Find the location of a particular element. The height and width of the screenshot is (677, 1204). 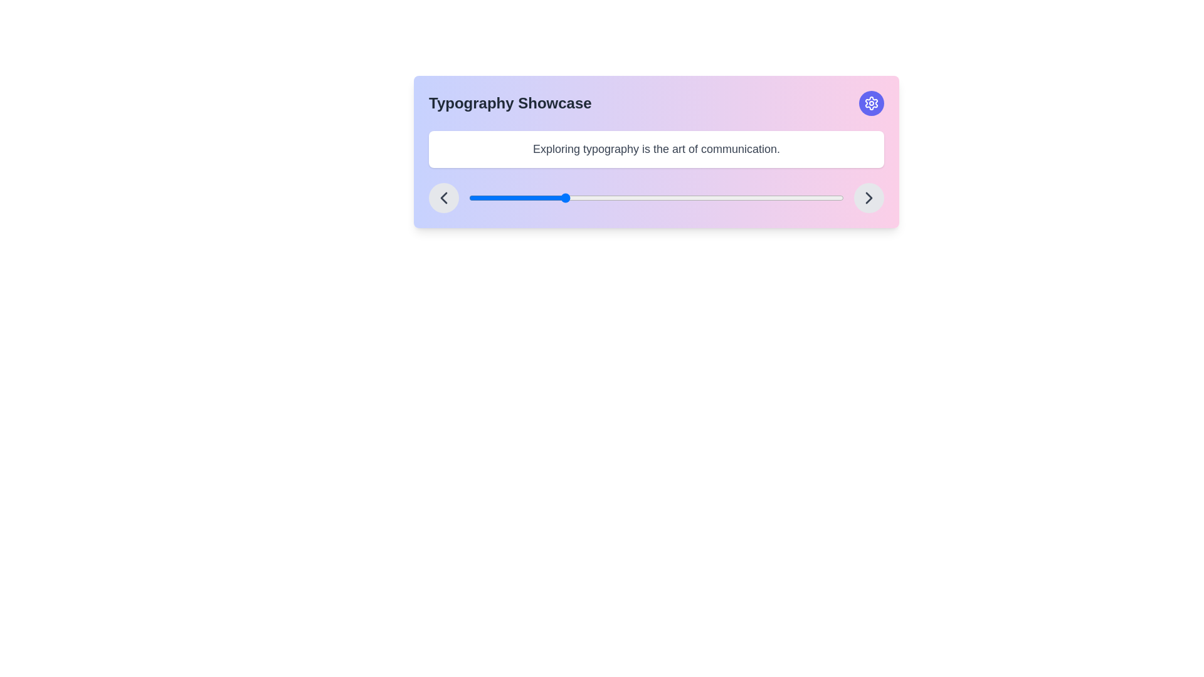

the right-positioned chevron icon within the gray circle is located at coordinates (869, 197).